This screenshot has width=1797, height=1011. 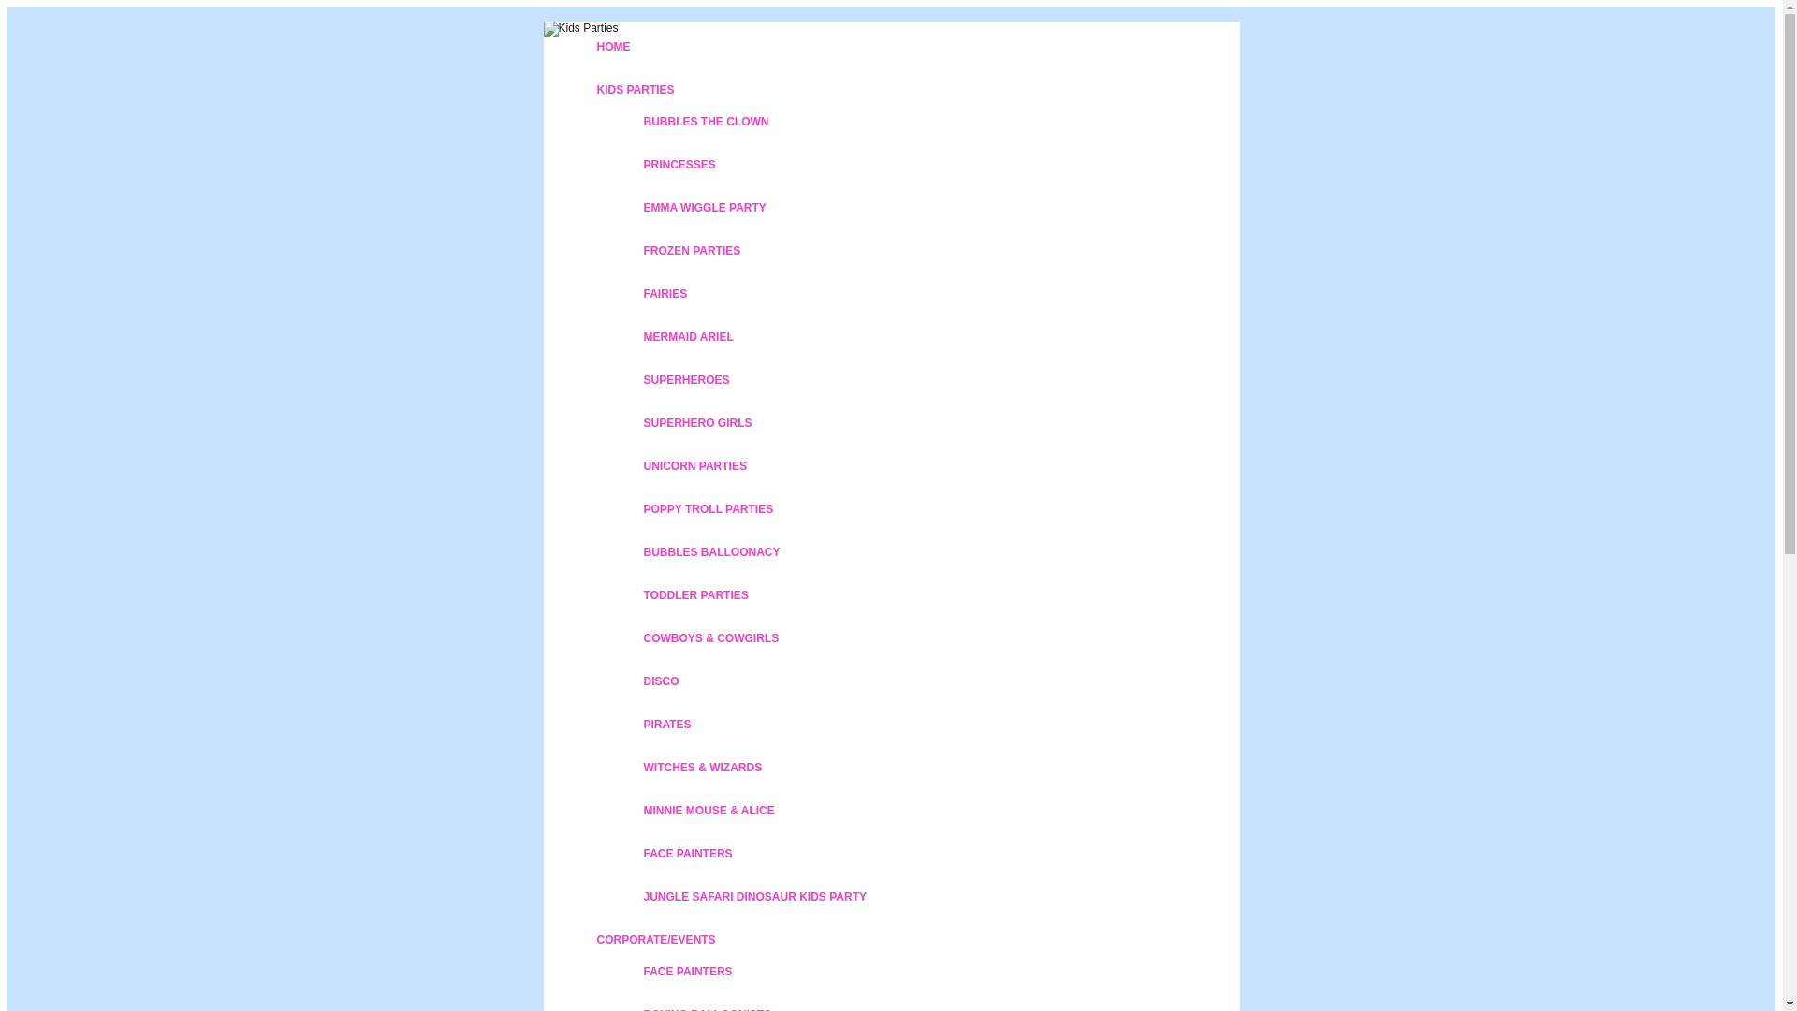 I want to click on 'HOME', so click(x=612, y=46).